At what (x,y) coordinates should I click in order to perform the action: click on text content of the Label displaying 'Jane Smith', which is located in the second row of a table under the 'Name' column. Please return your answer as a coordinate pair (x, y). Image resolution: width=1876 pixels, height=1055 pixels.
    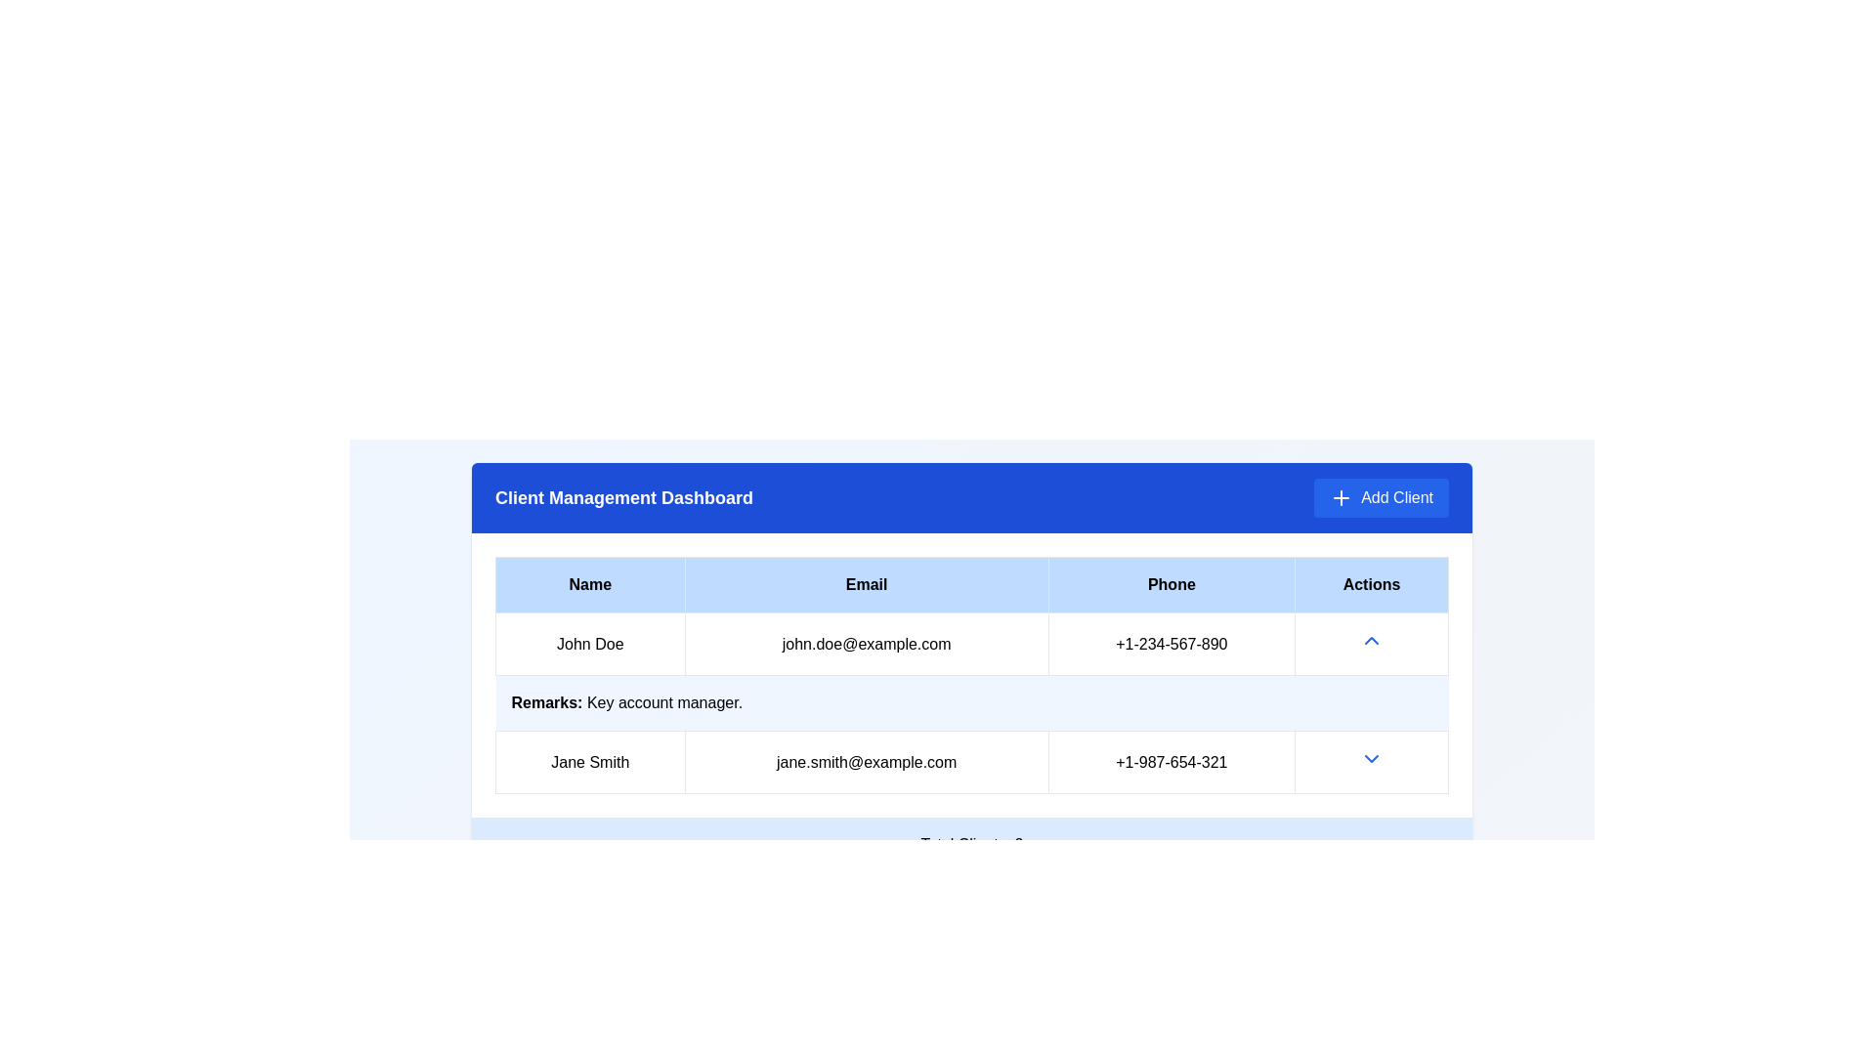
    Looking at the image, I should click on (589, 761).